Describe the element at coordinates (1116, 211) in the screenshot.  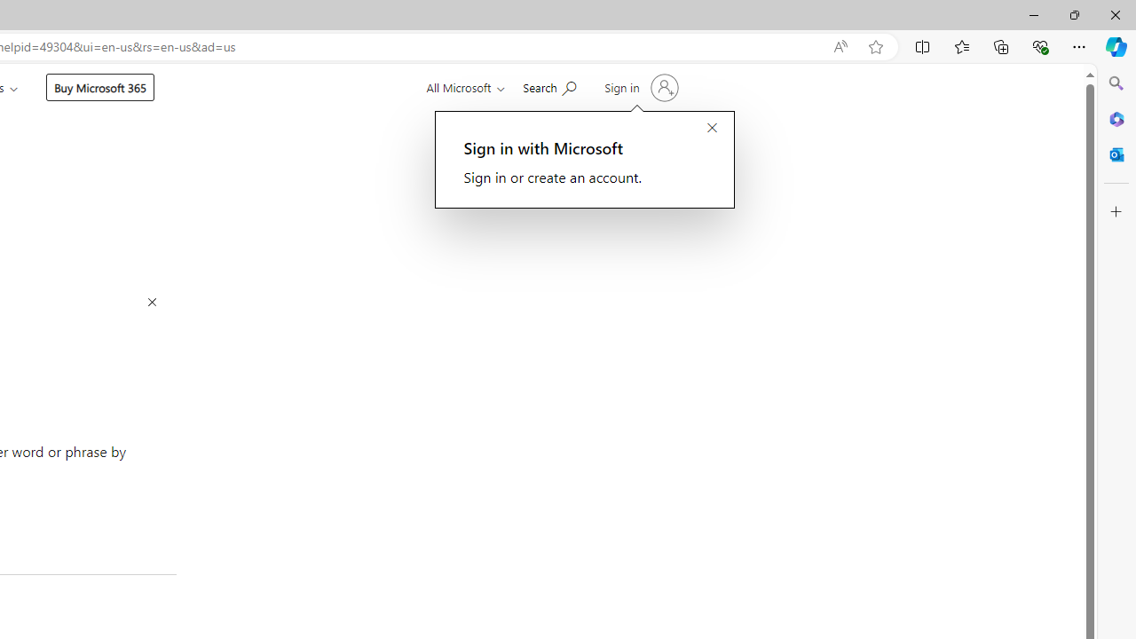
I see `'Customize'` at that location.